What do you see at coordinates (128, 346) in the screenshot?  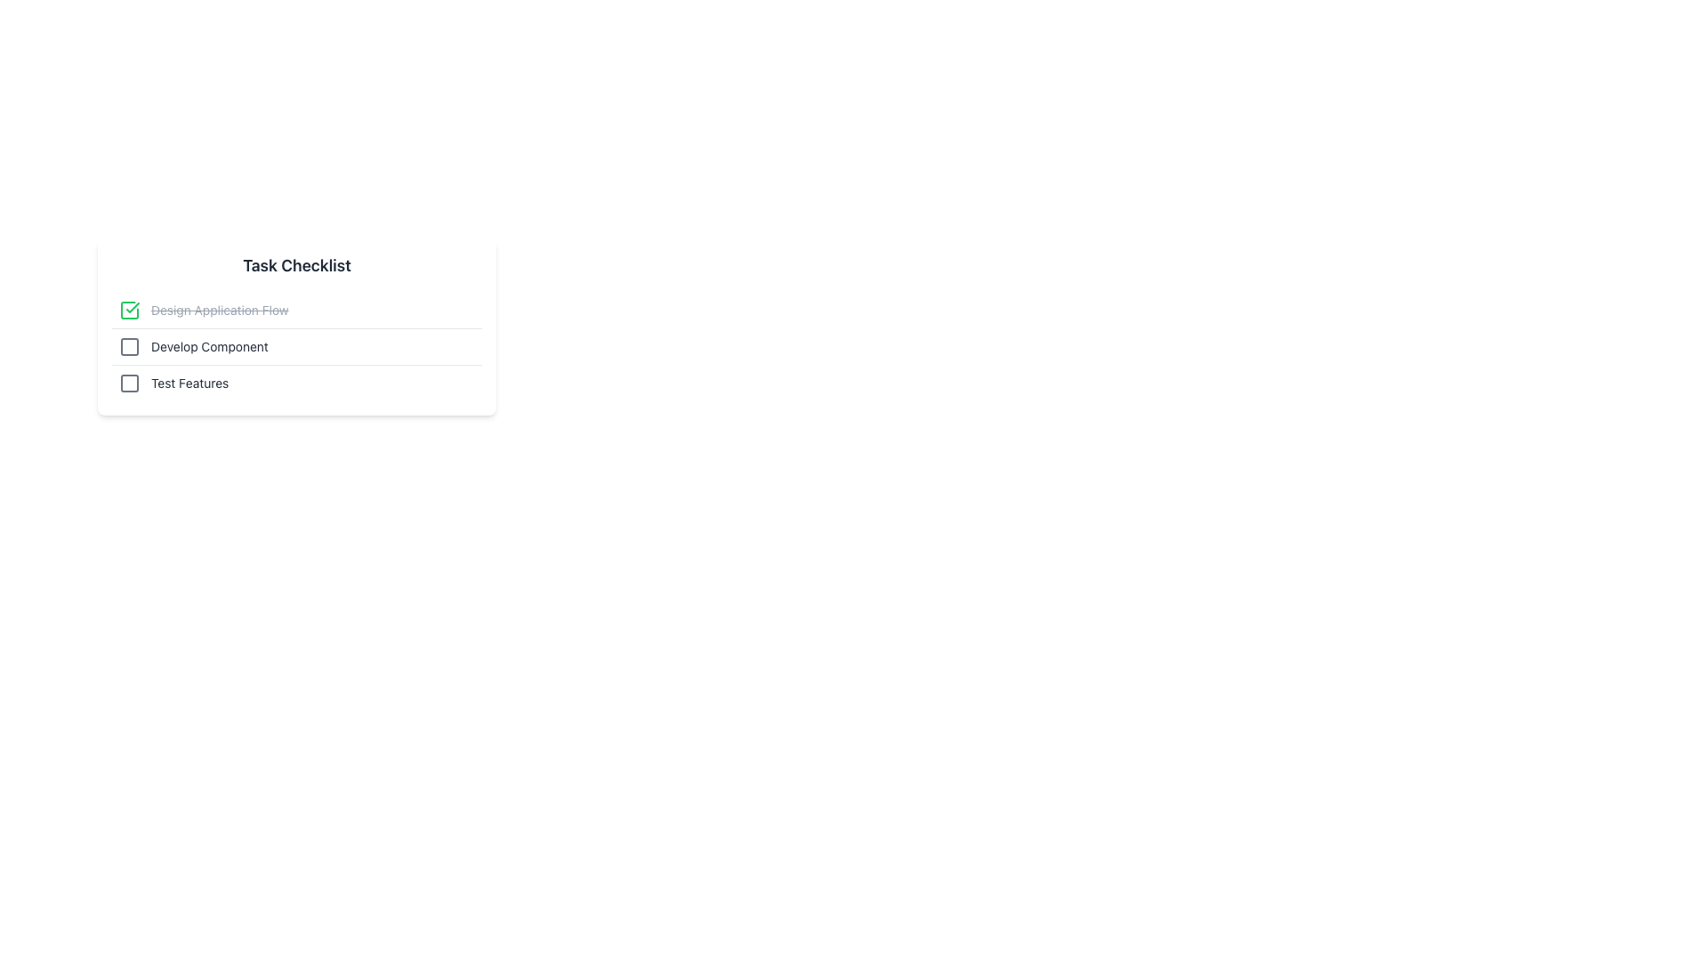 I see `the leftmost checkbox icon in the 'Develop Component' checklist` at bounding box center [128, 346].